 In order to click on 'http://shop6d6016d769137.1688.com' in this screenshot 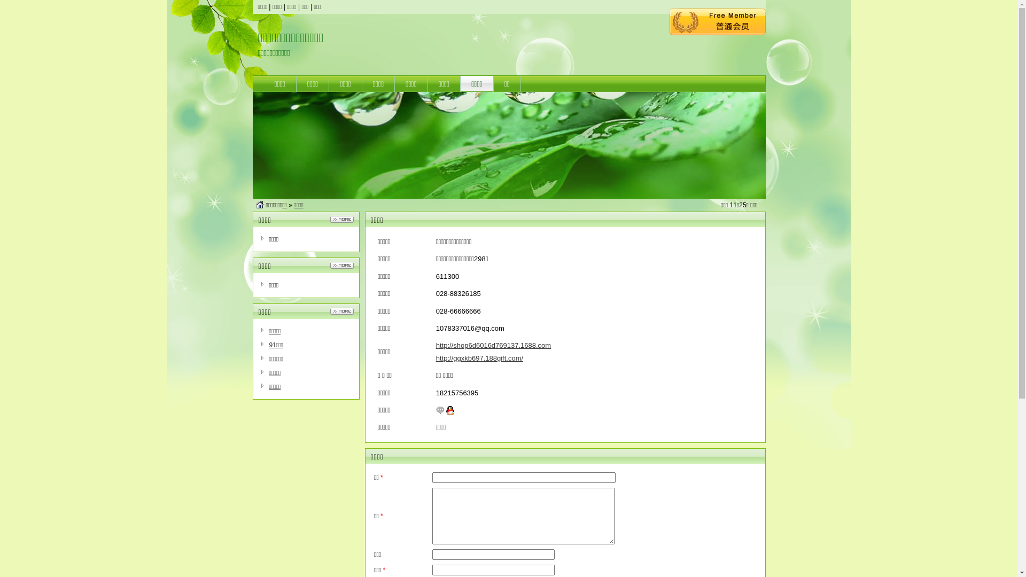, I will do `click(493, 345)`.